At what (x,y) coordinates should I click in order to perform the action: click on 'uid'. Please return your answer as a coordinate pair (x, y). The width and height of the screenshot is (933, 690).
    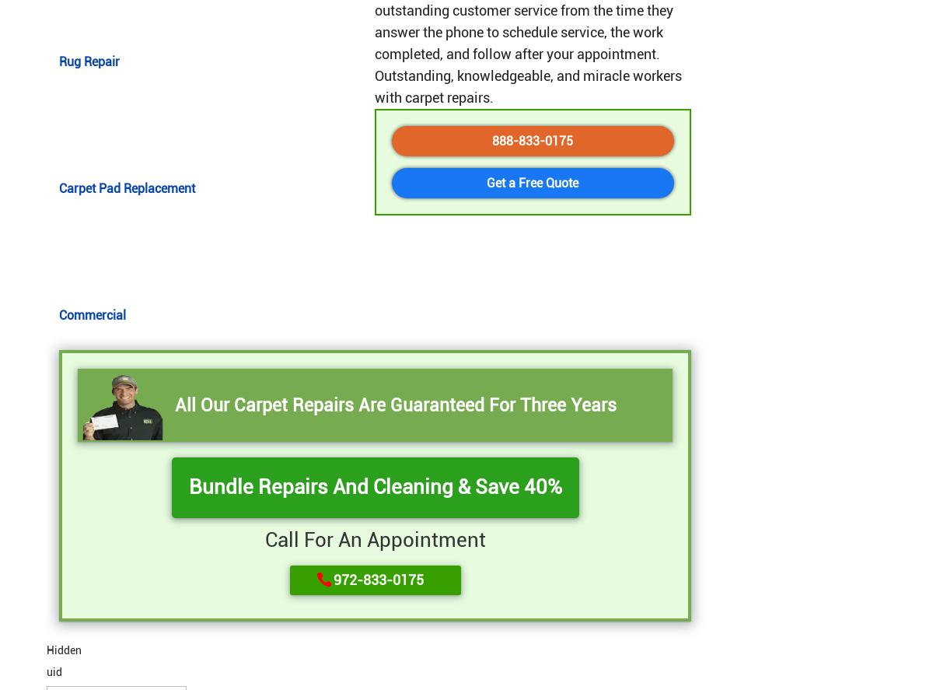
    Looking at the image, I should click on (54, 671).